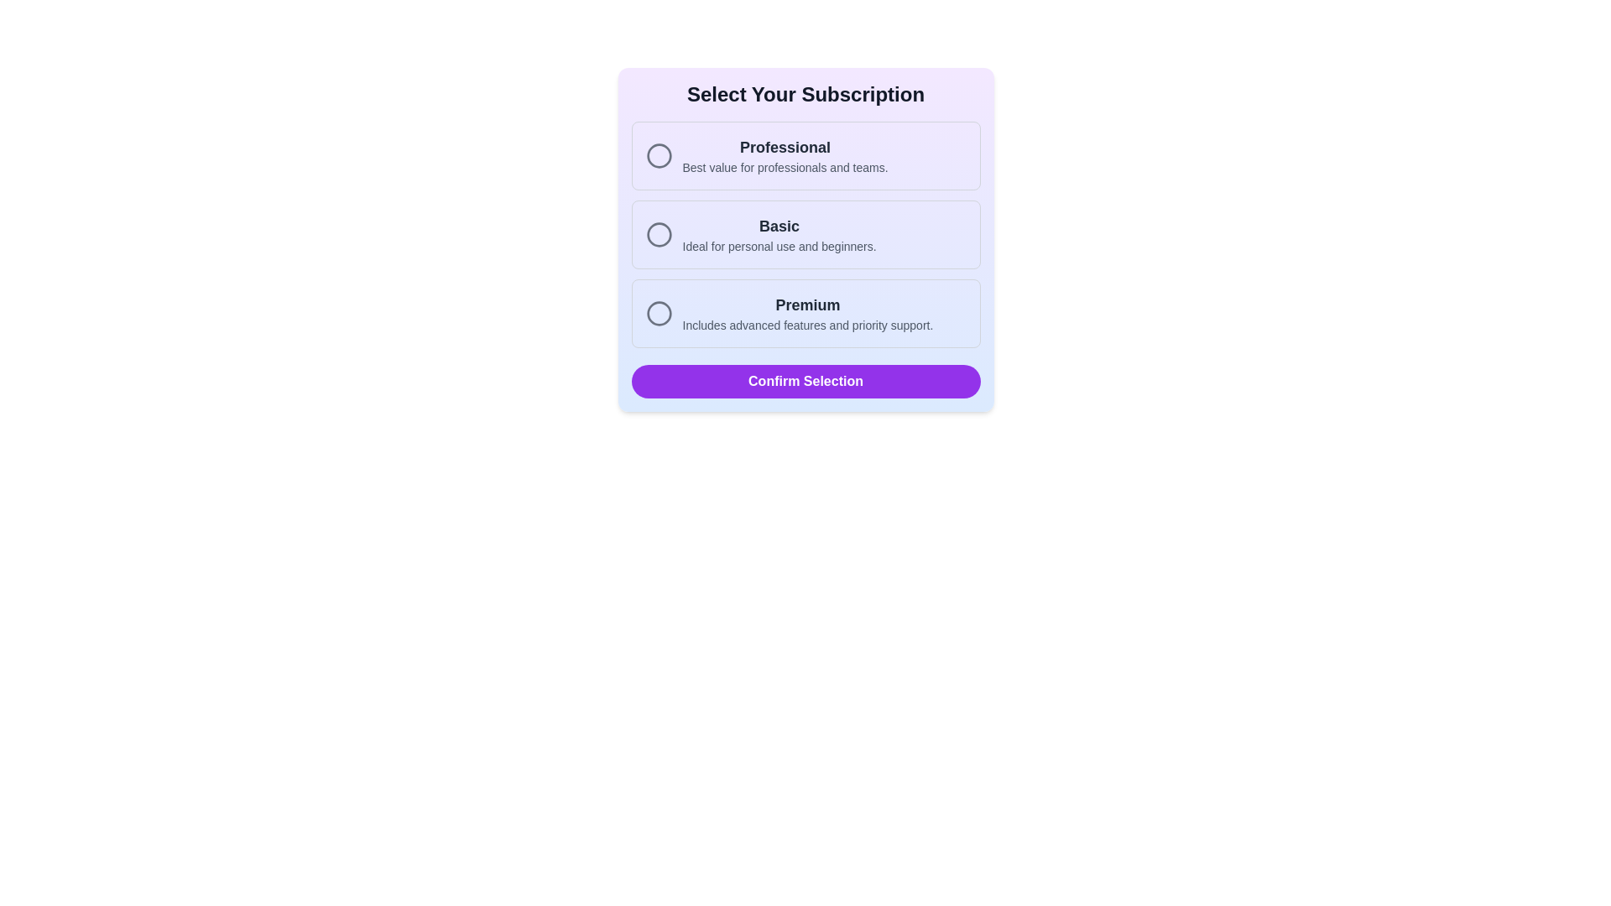  I want to click on the 'Professional' subscription plan label, which is located in the middle section of the subscription selection card, directly above the subtitle text and next to a circular radio button, so click(785, 147).